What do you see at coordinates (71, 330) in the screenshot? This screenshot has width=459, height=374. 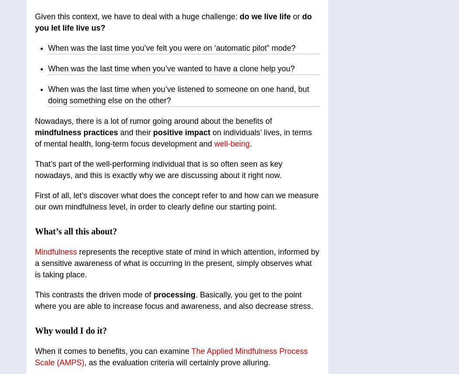 I see `'Why would I do it?'` at bounding box center [71, 330].